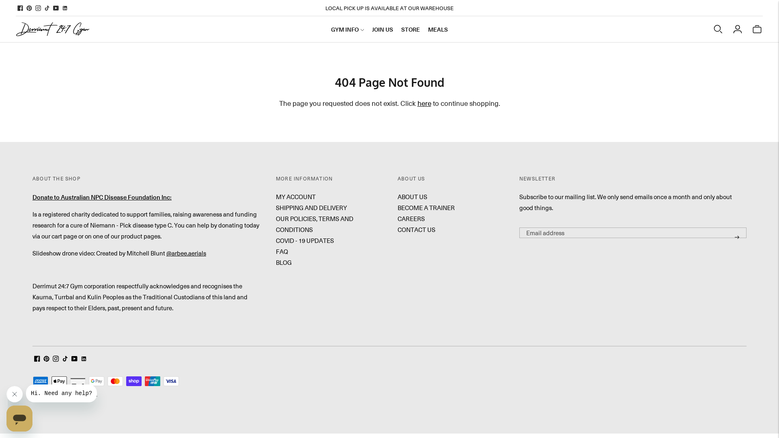 The height and width of the screenshot is (438, 779). Describe the element at coordinates (276, 224) in the screenshot. I see `'OUR POLICIES, TERMS AND CONDITIONS'` at that location.